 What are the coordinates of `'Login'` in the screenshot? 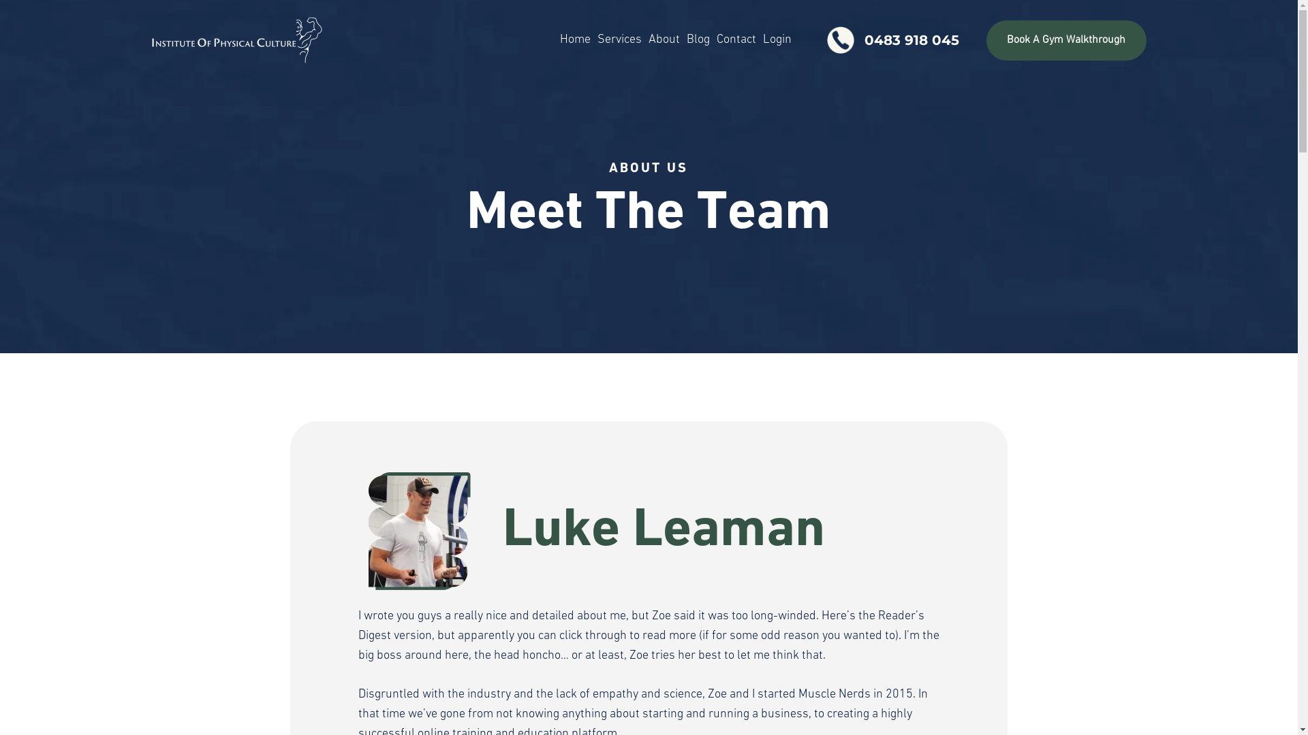 It's located at (758, 39).